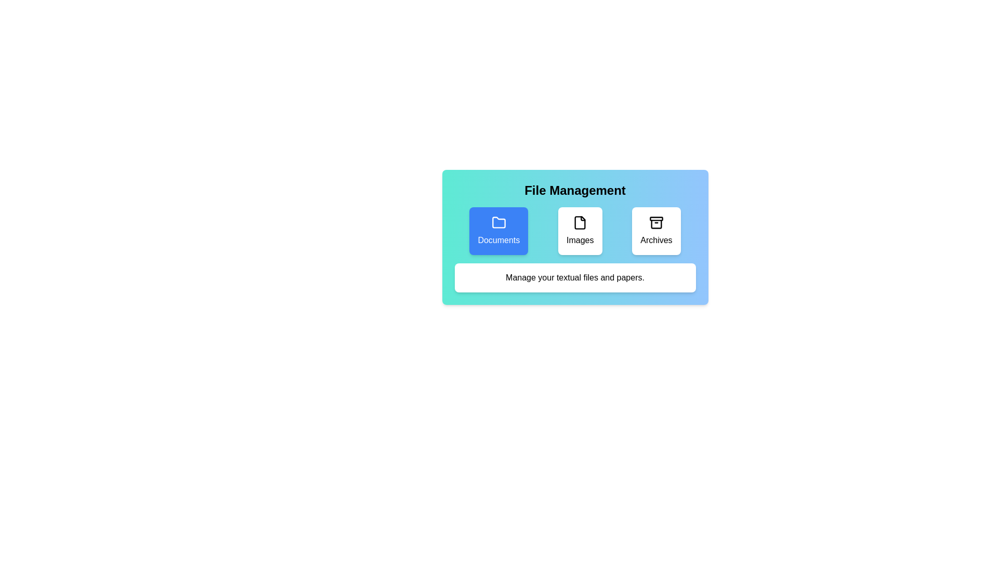 The width and height of the screenshot is (998, 561). Describe the element at coordinates (580, 230) in the screenshot. I see `the button corresponding to the category Images to select it` at that location.